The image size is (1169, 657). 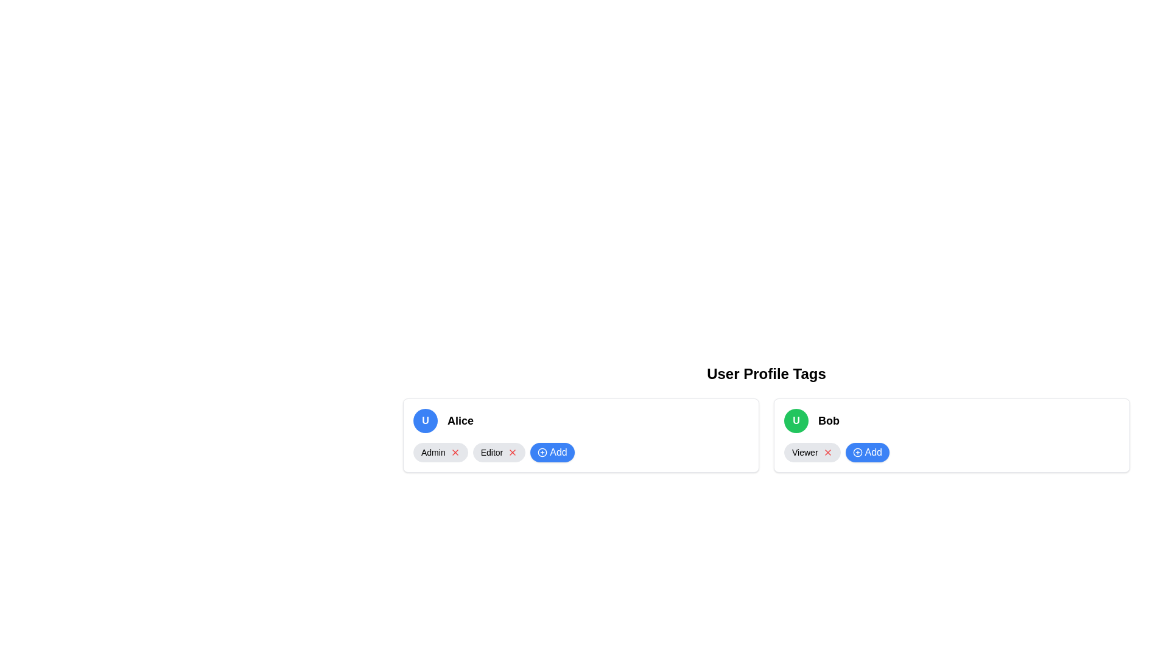 I want to click on the interactive red 'X' icon located to the right of the text 'Editor' in the 'User Profile Tags' section, so click(x=513, y=453).